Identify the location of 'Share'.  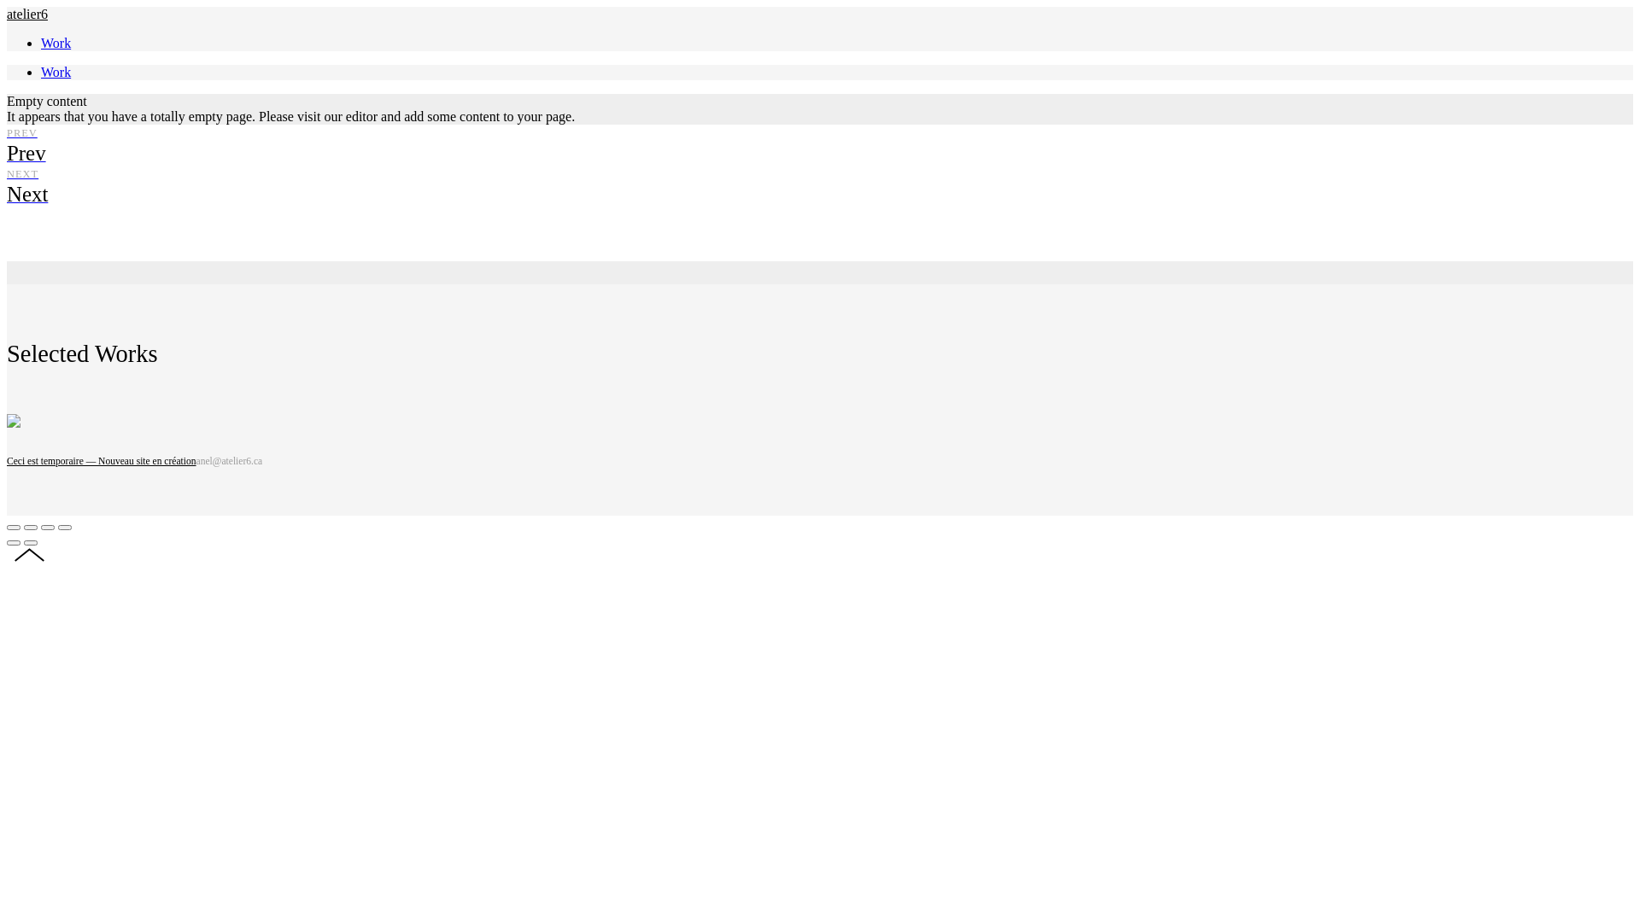
(30, 526).